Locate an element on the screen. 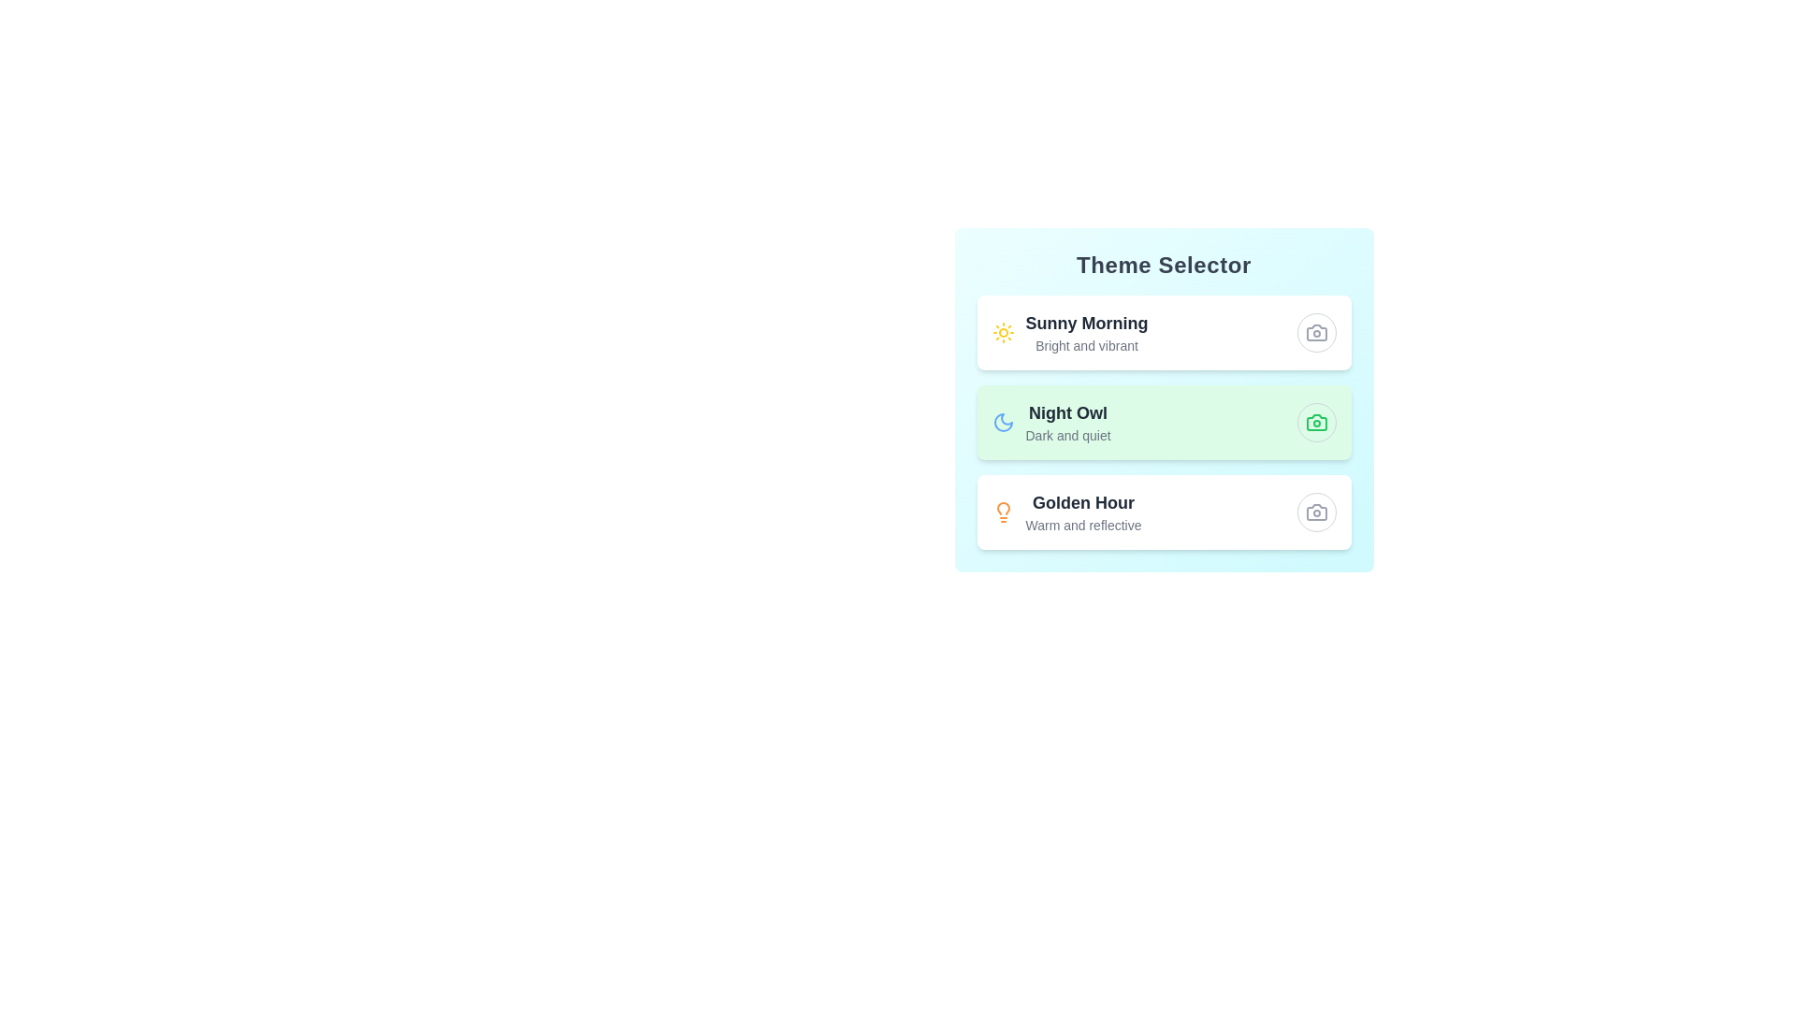  the theme Golden Hour by clicking its respective button is located at coordinates (1315, 512).